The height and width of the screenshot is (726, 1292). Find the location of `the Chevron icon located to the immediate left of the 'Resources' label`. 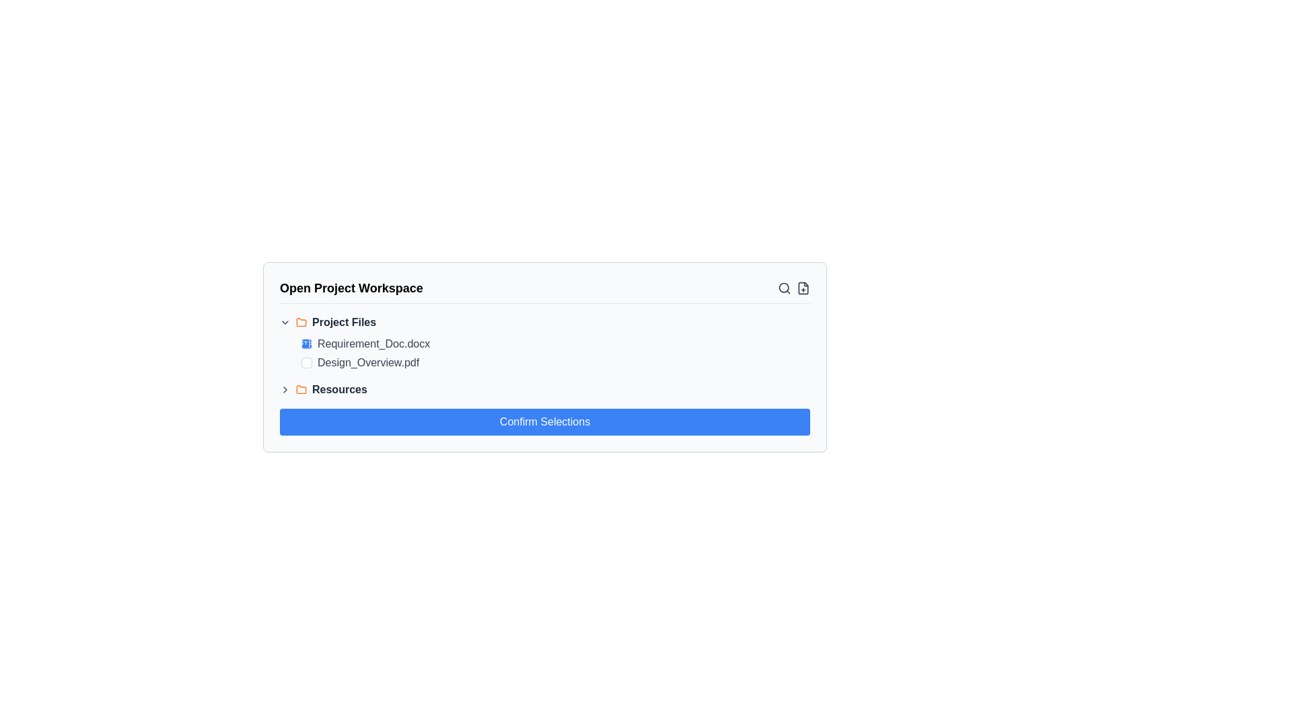

the Chevron icon located to the immediate left of the 'Resources' label is located at coordinates (284, 389).